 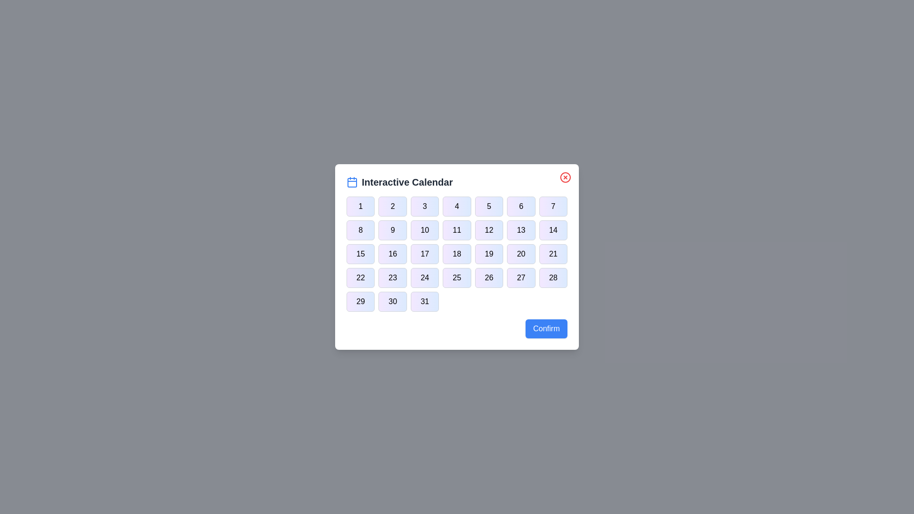 I want to click on the button corresponding to day 18 in the calendar, so click(x=457, y=253).